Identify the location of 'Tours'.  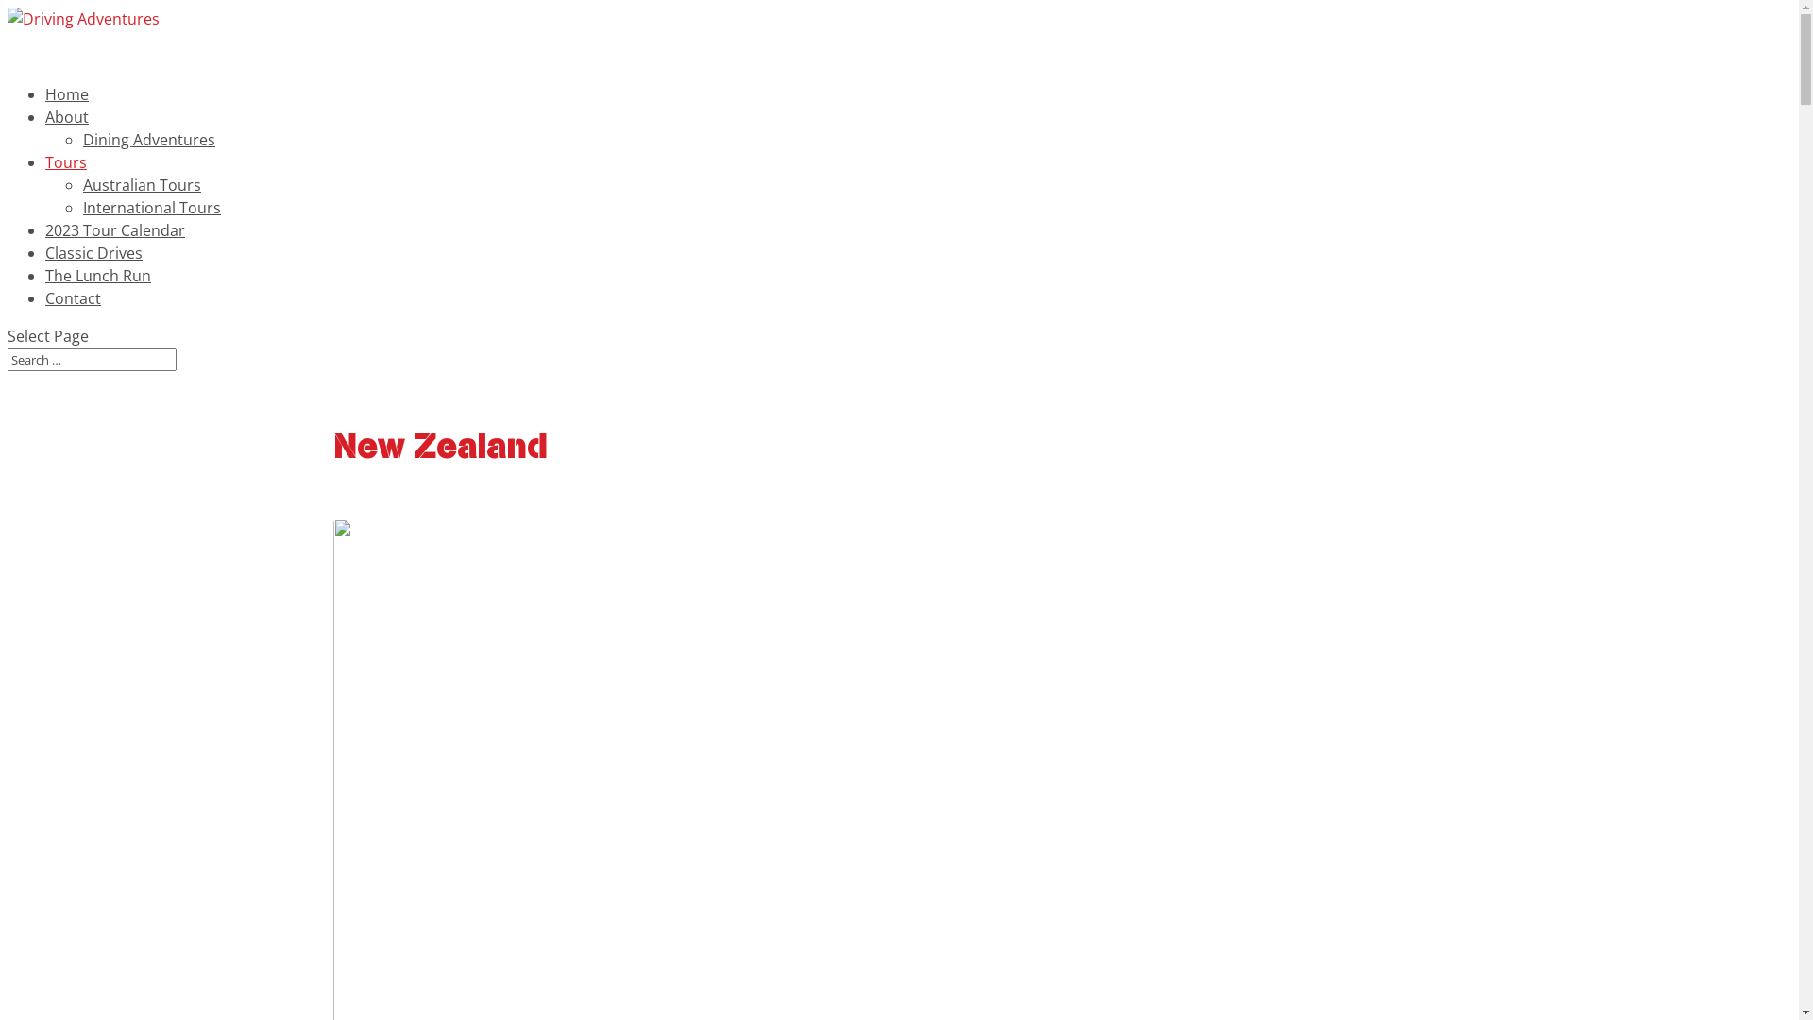
(66, 181).